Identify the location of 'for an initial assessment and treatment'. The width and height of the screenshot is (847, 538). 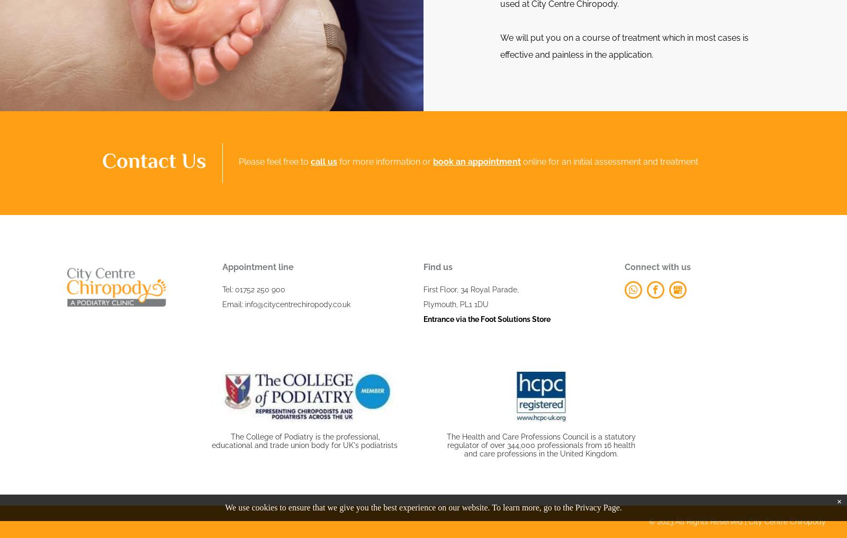
(548, 160).